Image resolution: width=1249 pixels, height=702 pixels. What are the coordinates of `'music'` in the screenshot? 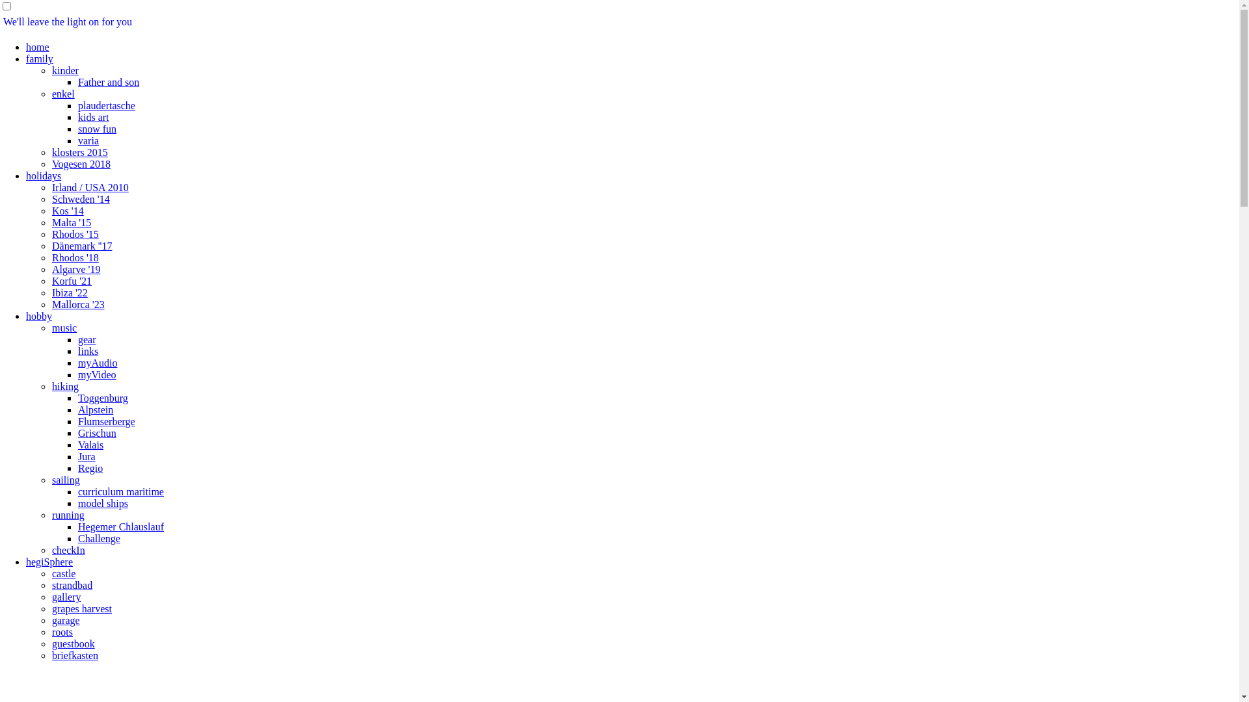 It's located at (64, 327).